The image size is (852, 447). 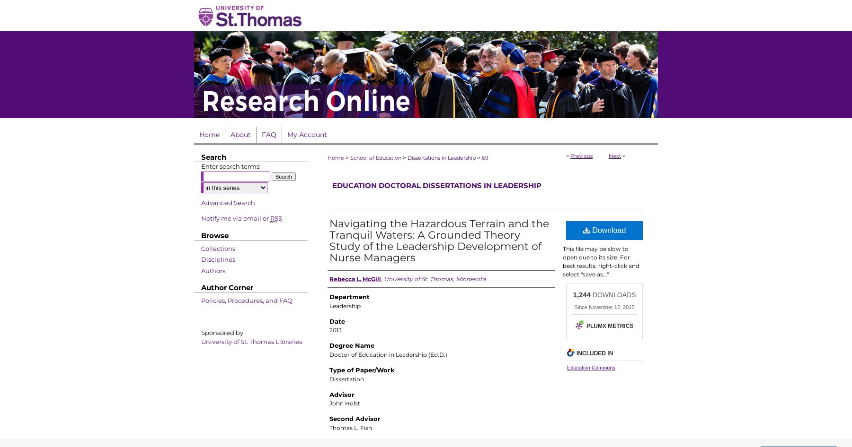 I want to click on 'Since November 12, 2015', so click(x=574, y=307).